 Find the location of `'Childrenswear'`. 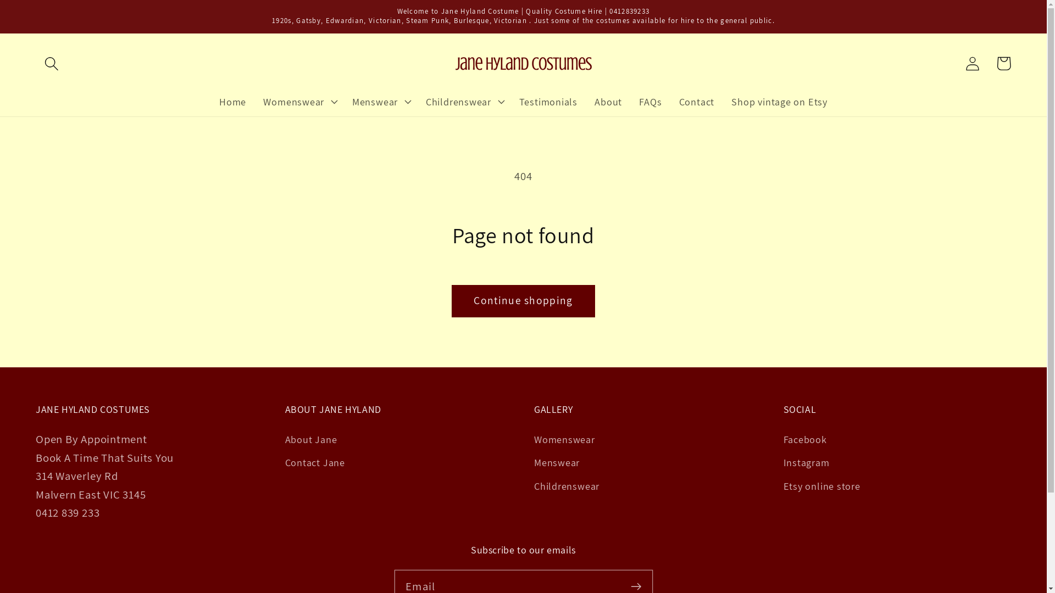

'Childrenswear' is located at coordinates (425, 102).